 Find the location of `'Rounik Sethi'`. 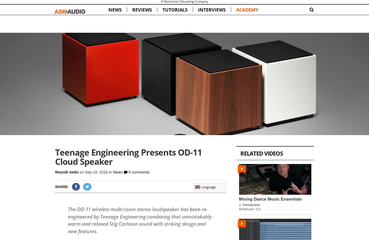

'Rounik Sethi' is located at coordinates (66, 172).